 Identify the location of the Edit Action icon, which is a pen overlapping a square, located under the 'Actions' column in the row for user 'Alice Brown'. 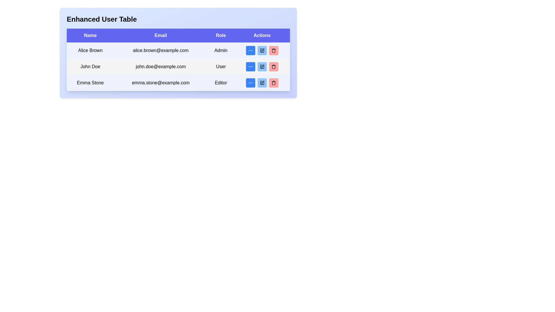
(262, 82).